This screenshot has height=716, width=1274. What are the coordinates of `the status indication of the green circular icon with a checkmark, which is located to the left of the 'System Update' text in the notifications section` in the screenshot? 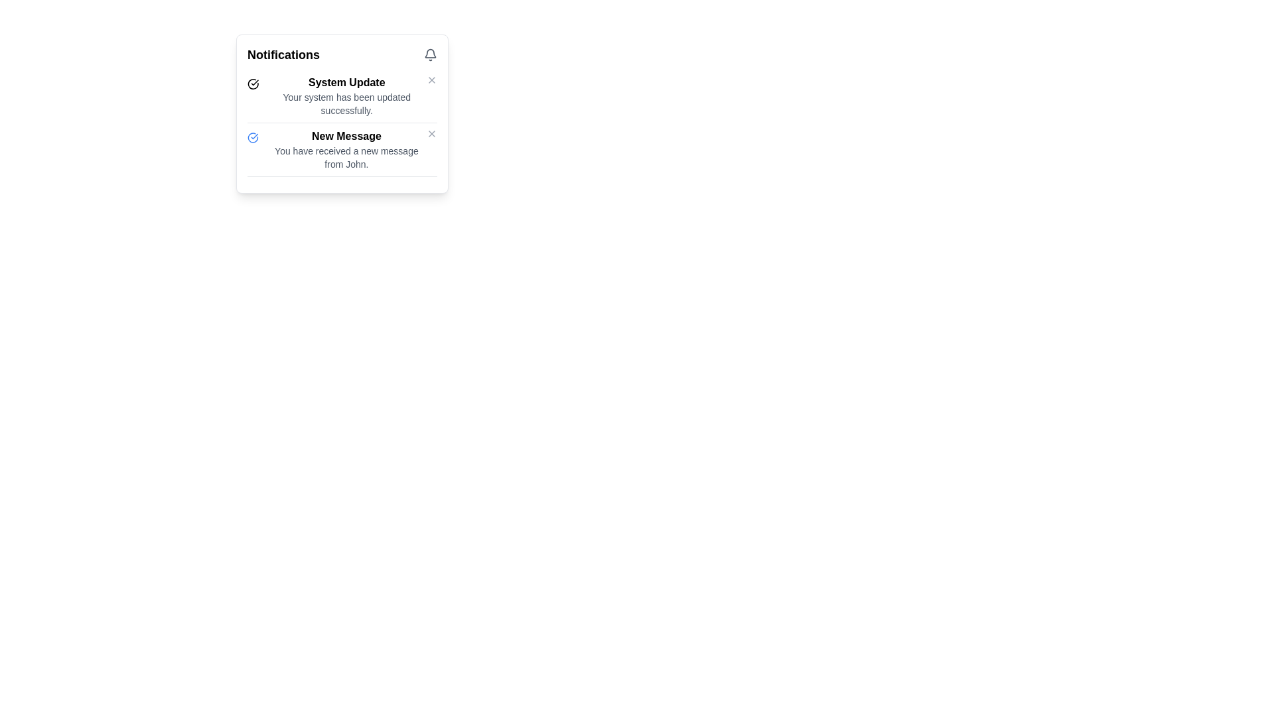 It's located at (253, 84).